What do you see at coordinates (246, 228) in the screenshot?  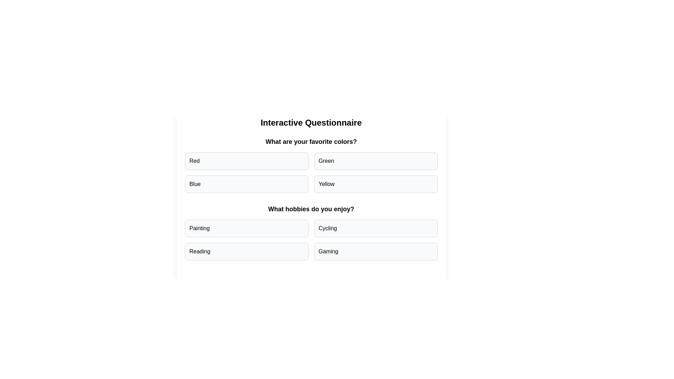 I see `the answer option Painting for the question What hobbies do you enjoy?` at bounding box center [246, 228].